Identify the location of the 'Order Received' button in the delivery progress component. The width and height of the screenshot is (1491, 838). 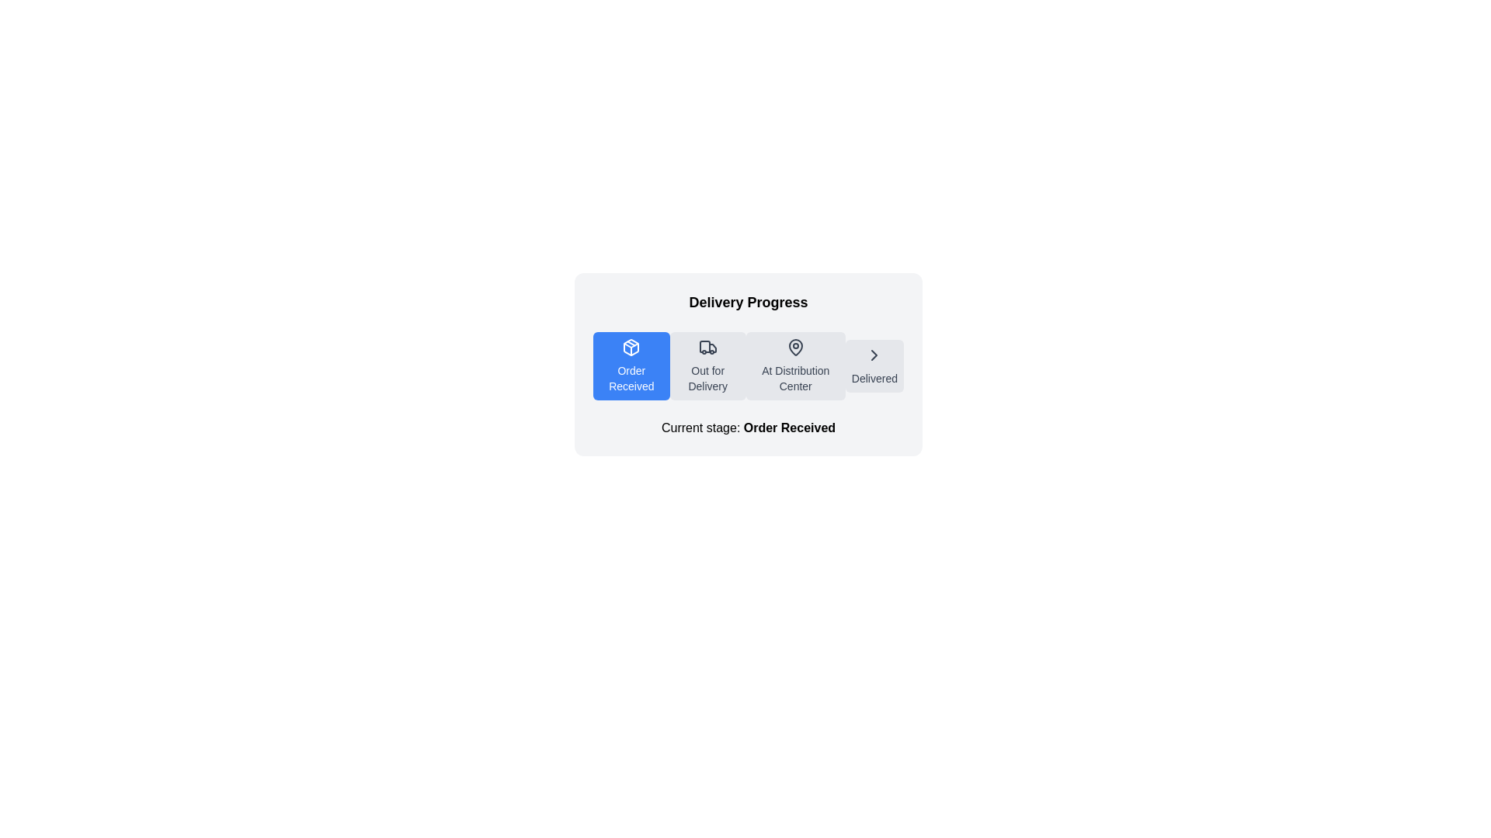
(631, 365).